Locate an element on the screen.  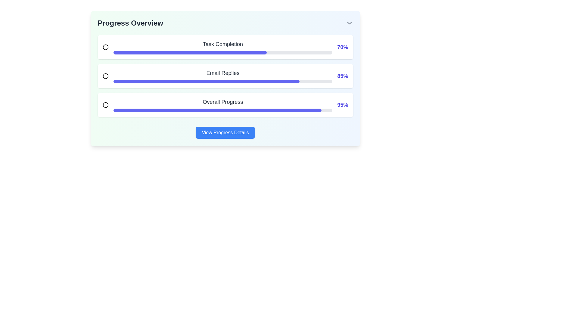
the progress bar with a light gray background and indigo filled portion, representing 70% progress, located beneath the 'Task Completion' label is located at coordinates (222, 52).